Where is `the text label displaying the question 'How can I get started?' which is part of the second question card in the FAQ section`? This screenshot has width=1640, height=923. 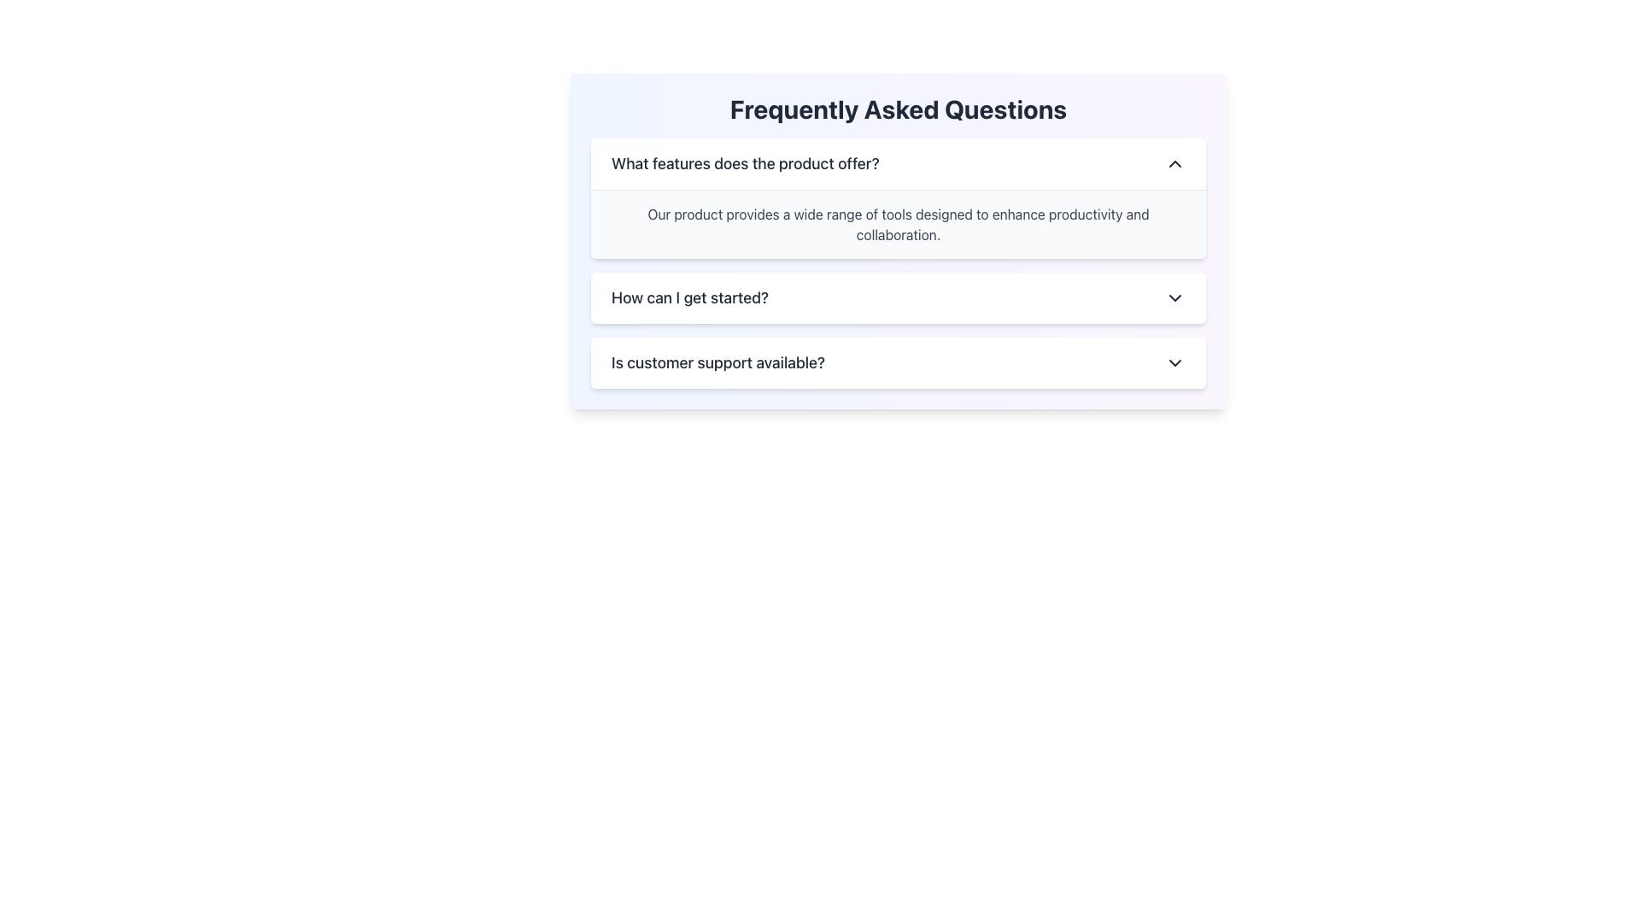 the text label displaying the question 'How can I get started?' which is part of the second question card in the FAQ section is located at coordinates (690, 297).